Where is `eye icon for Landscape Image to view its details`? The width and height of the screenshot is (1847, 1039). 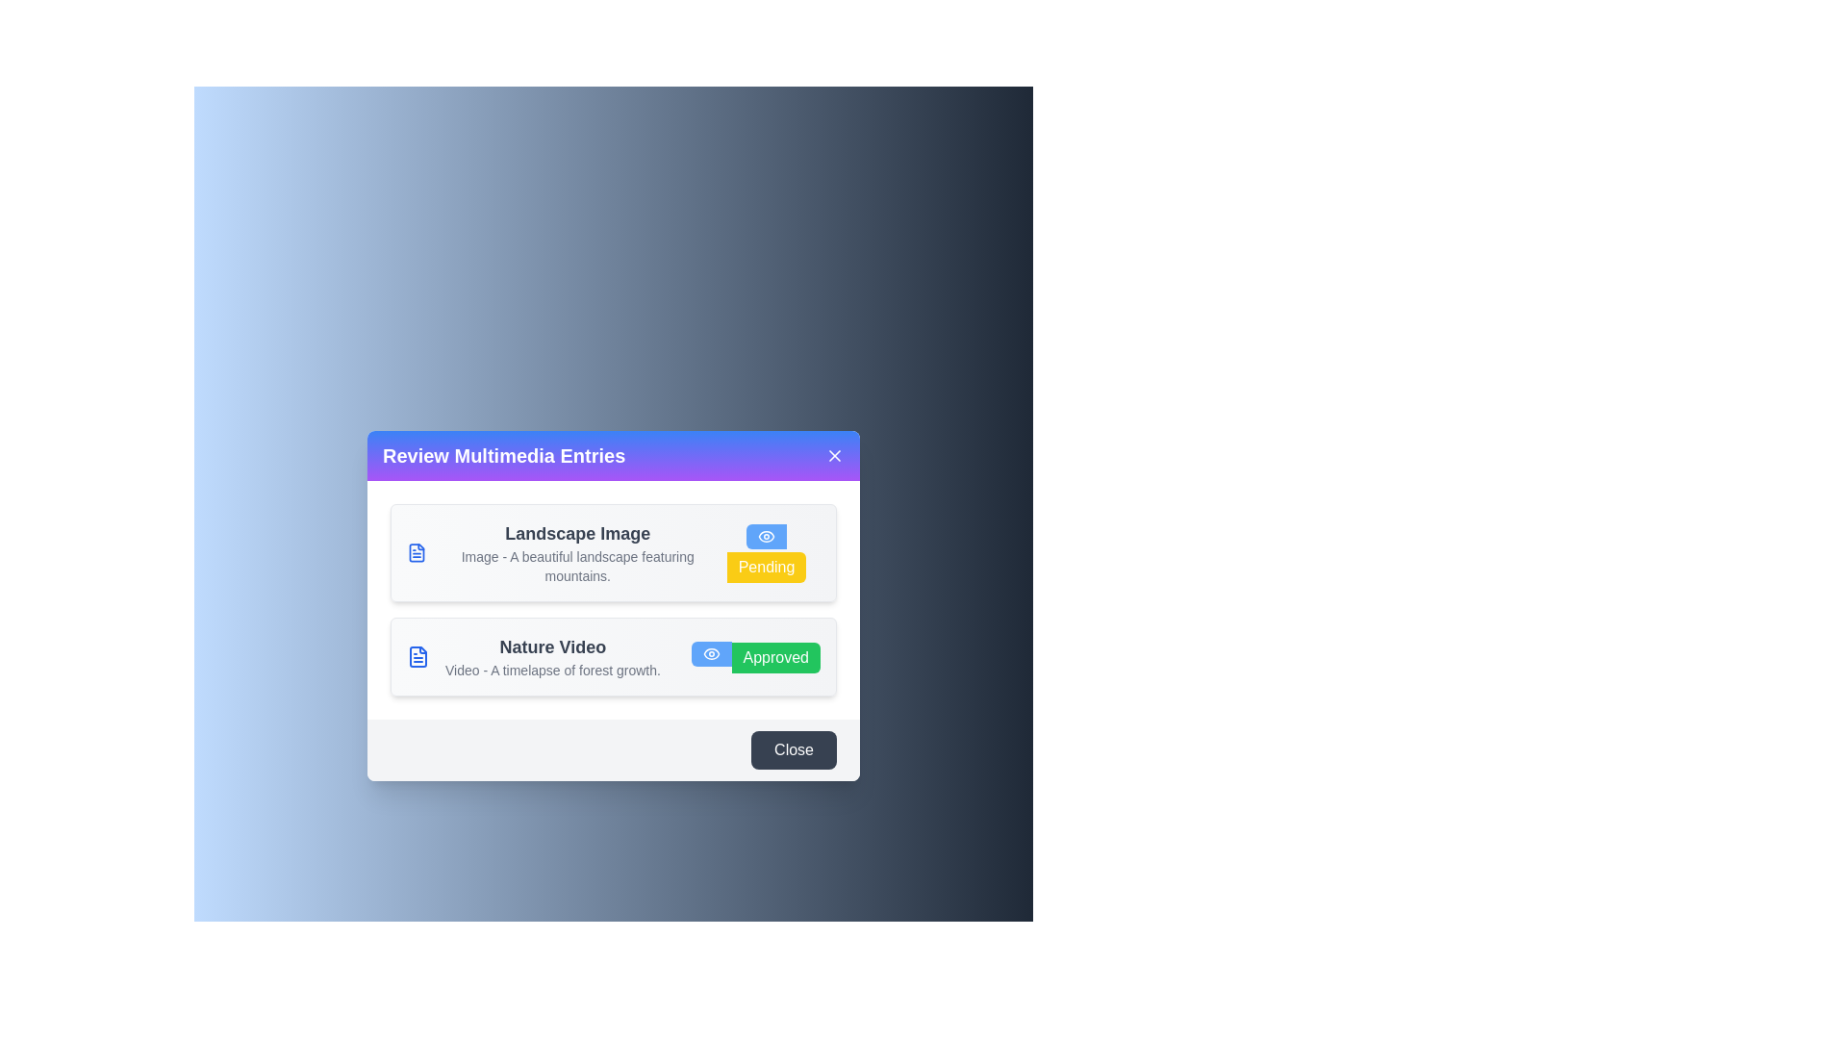
eye icon for Landscape Image to view its details is located at coordinates (765, 536).